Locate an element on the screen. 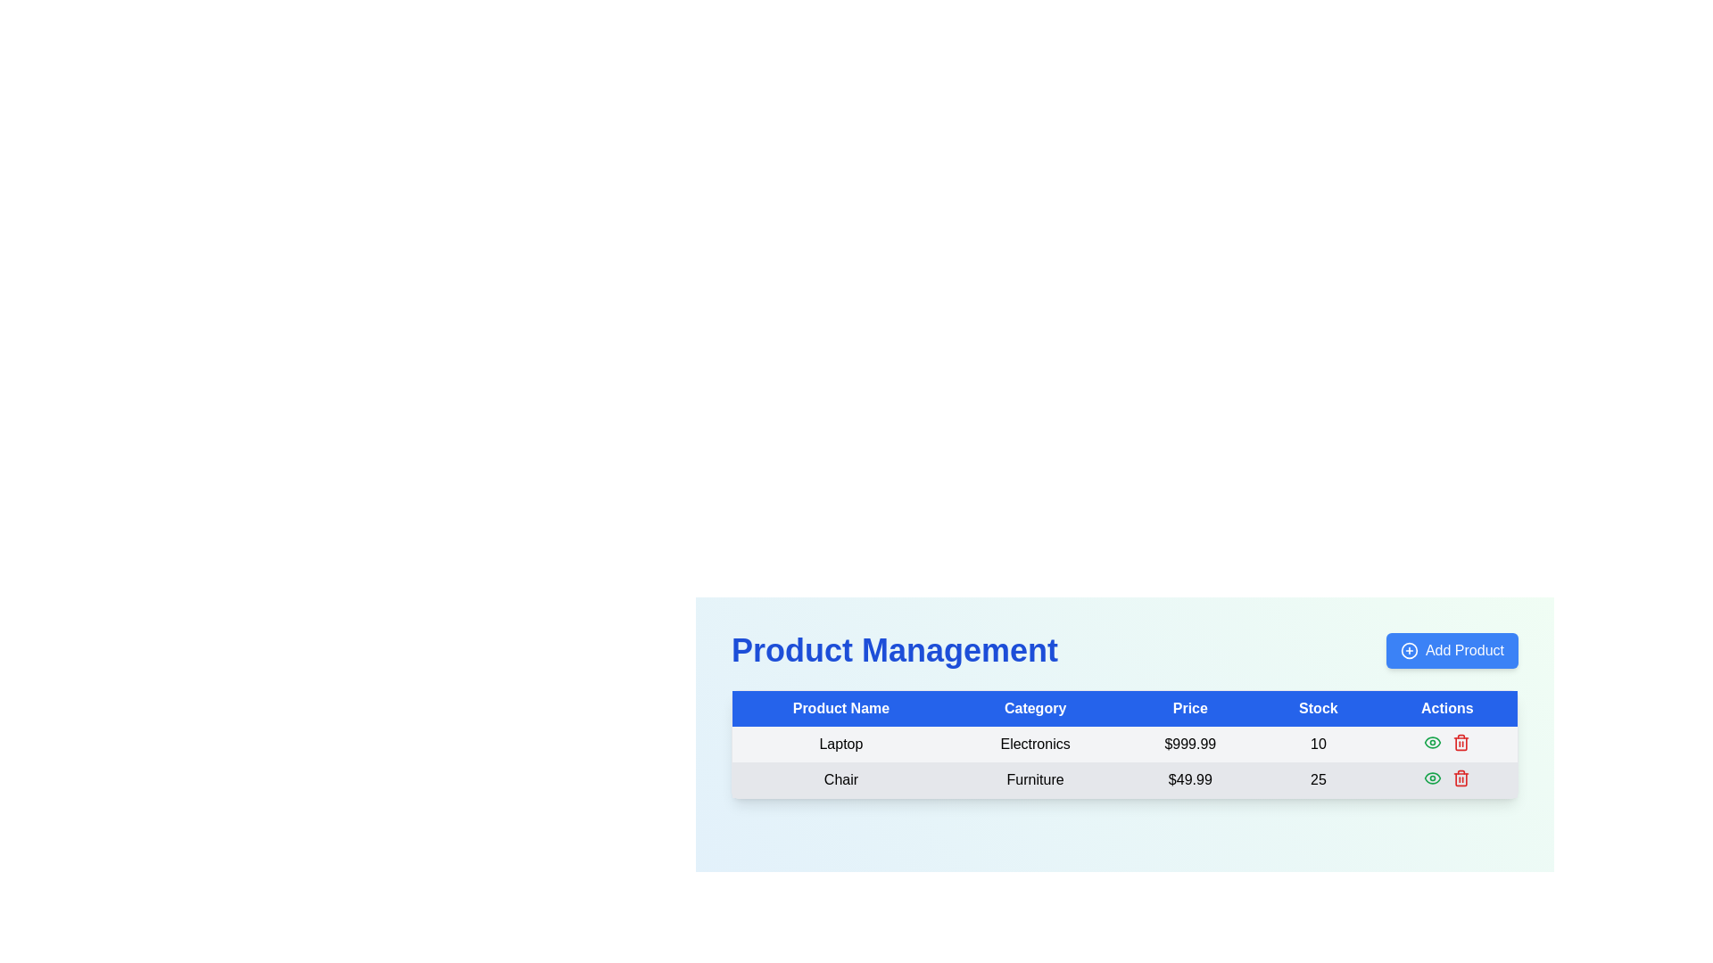 The image size is (1713, 963). the Text Cell in the second row of the table under the 'Category' column, which specifies the product category and is located between the 'Chair' cell and the '$49.99' cell is located at coordinates (1035, 779).